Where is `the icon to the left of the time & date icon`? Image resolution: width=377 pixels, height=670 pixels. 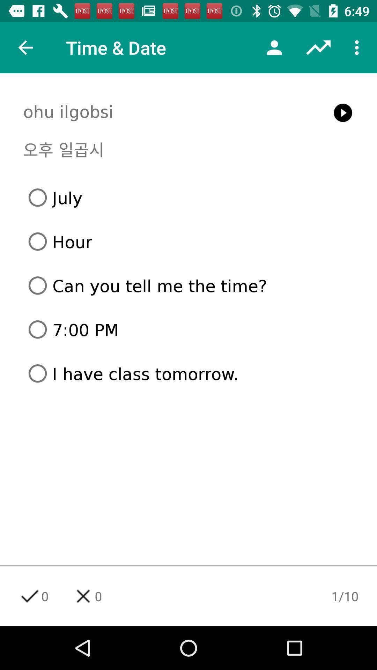
the icon to the left of the time & date icon is located at coordinates (25, 47).